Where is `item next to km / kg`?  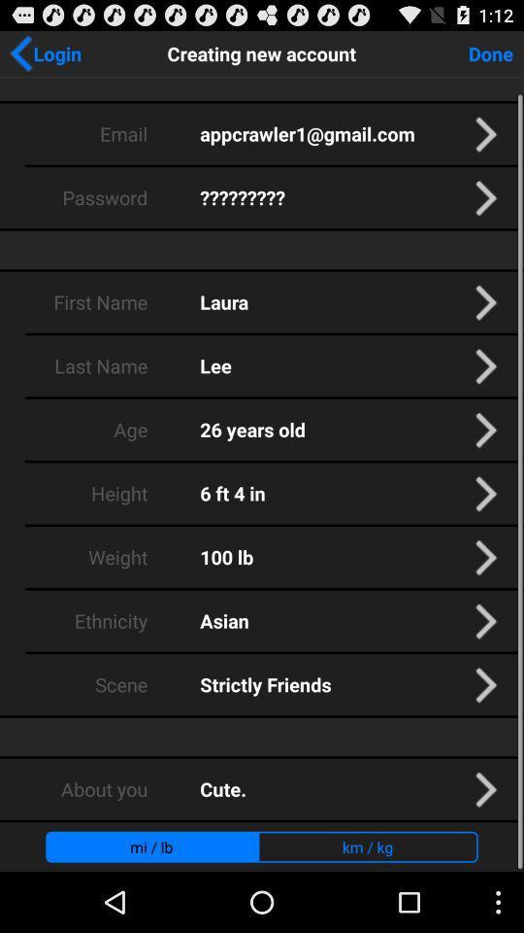
item next to km / kg is located at coordinates (150, 846).